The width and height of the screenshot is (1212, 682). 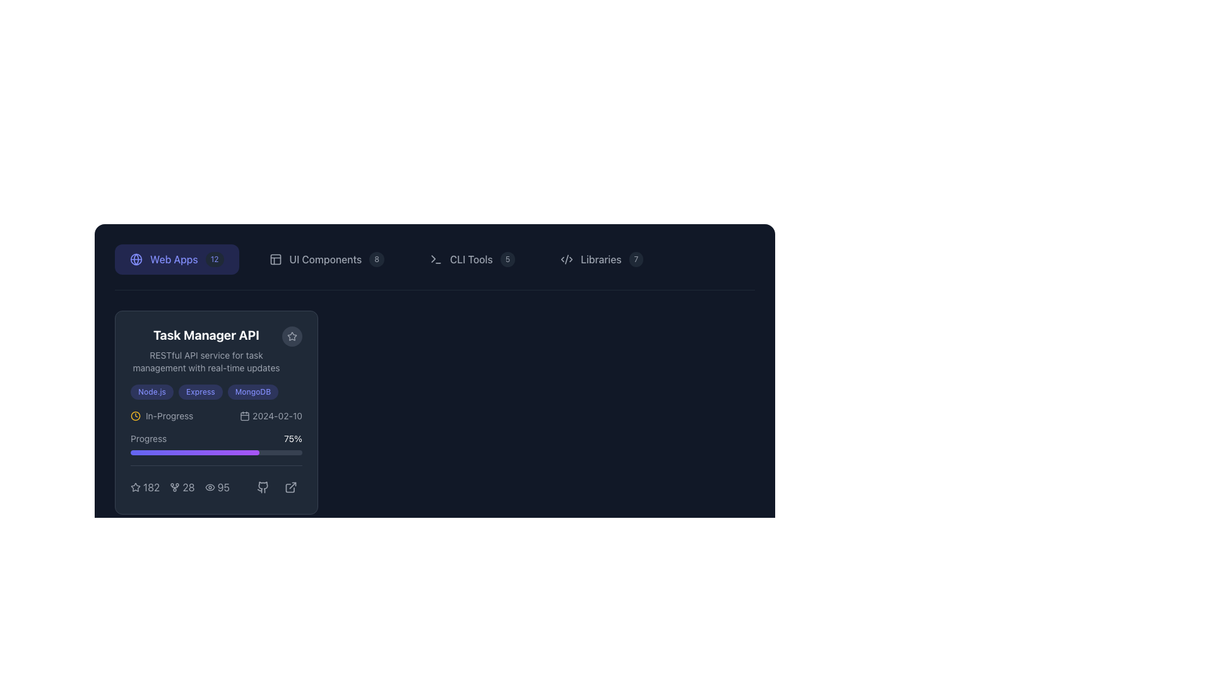 What do you see at coordinates (291, 335) in the screenshot?
I see `the star icon embedded in the circular button located in the upper-right section of the 'Task Manager API' card` at bounding box center [291, 335].